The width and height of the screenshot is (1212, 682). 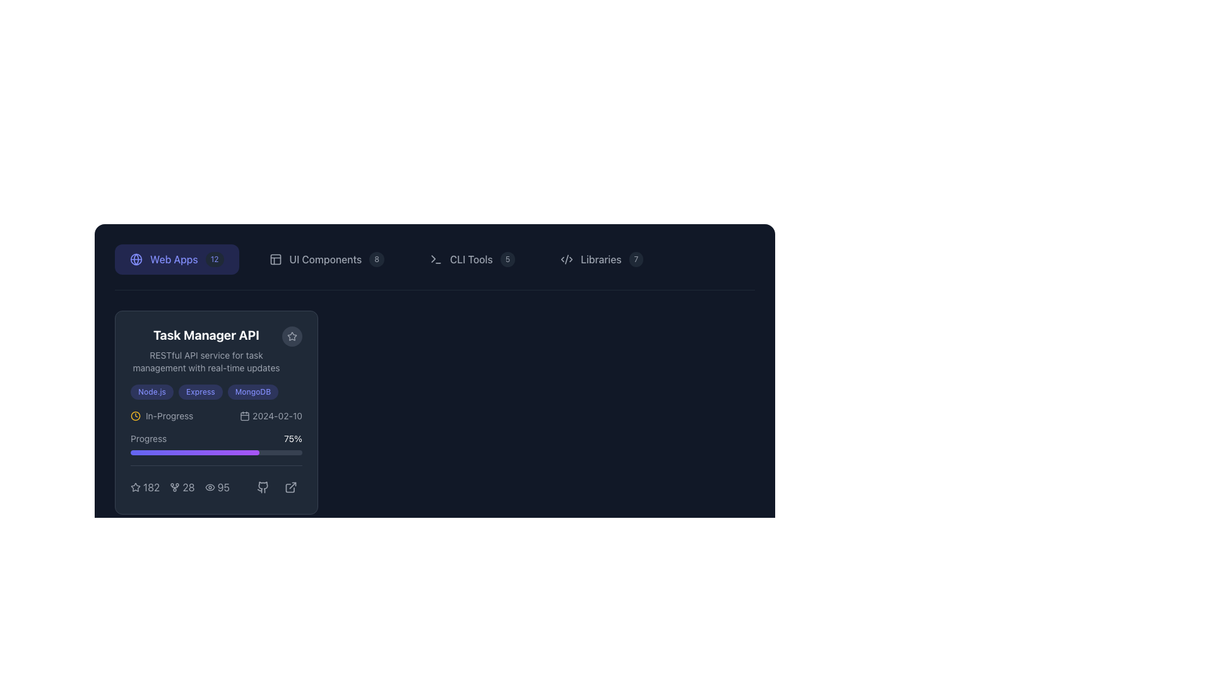 What do you see at coordinates (291, 335) in the screenshot?
I see `the star icon embedded in the circular button located in the upper-right section of the 'Task Manager API' card` at bounding box center [291, 335].